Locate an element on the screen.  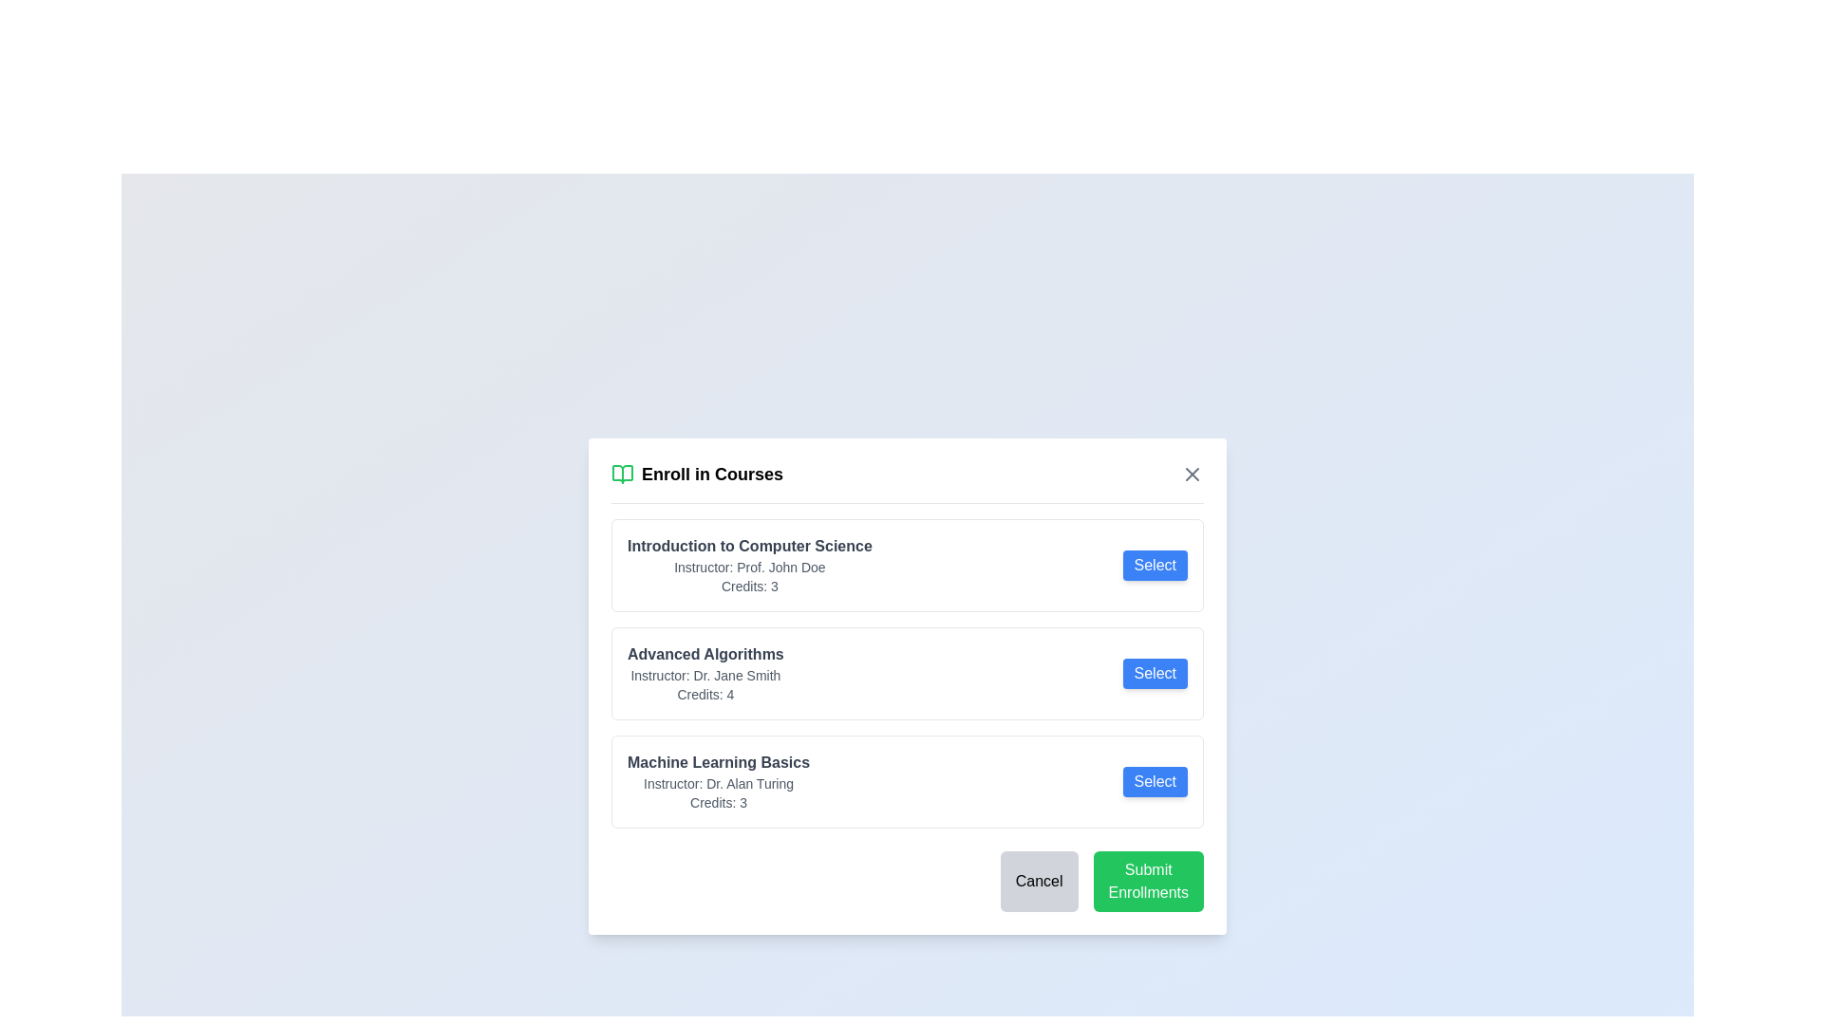
the 'Cancel' button with rounded edges in the footer of the modal dialog to change its background color is located at coordinates (1038, 881).